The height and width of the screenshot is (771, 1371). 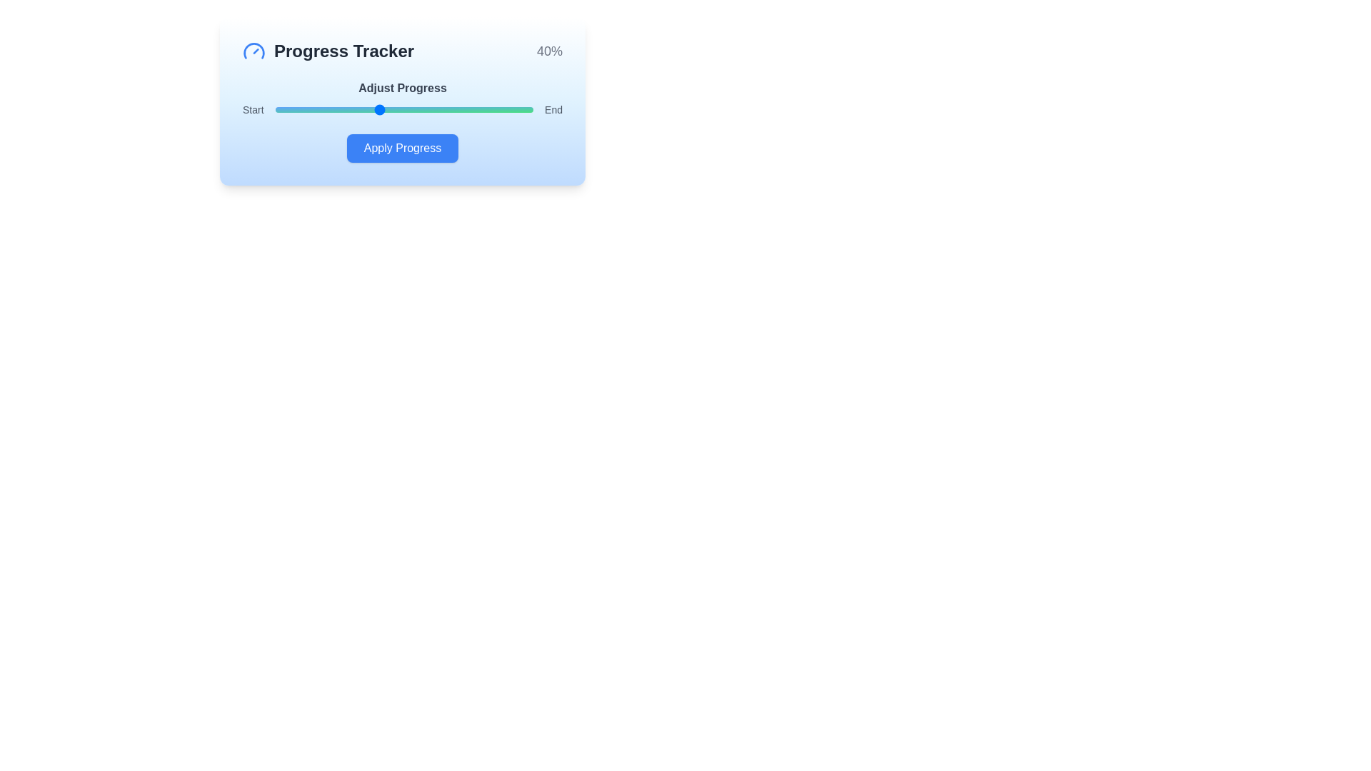 What do you see at coordinates (316, 109) in the screenshot?
I see `the progress slider to 16%` at bounding box center [316, 109].